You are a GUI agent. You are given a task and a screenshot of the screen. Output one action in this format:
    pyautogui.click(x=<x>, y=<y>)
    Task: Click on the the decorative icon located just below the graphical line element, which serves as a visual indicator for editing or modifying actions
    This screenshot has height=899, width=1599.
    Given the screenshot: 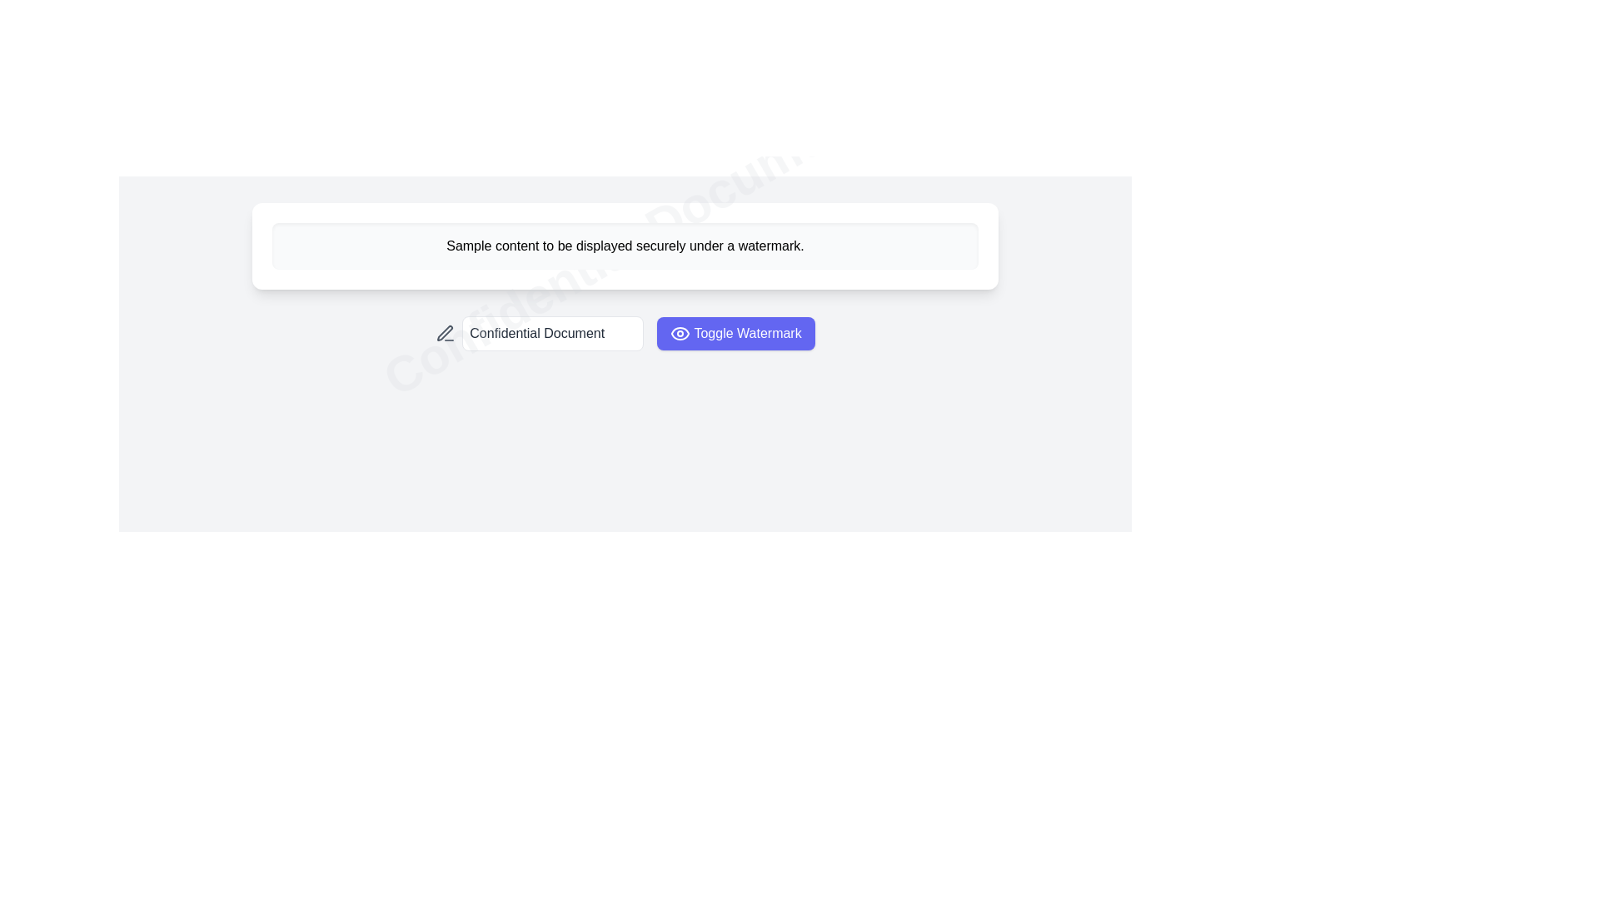 What is the action you would take?
    pyautogui.click(x=445, y=333)
    